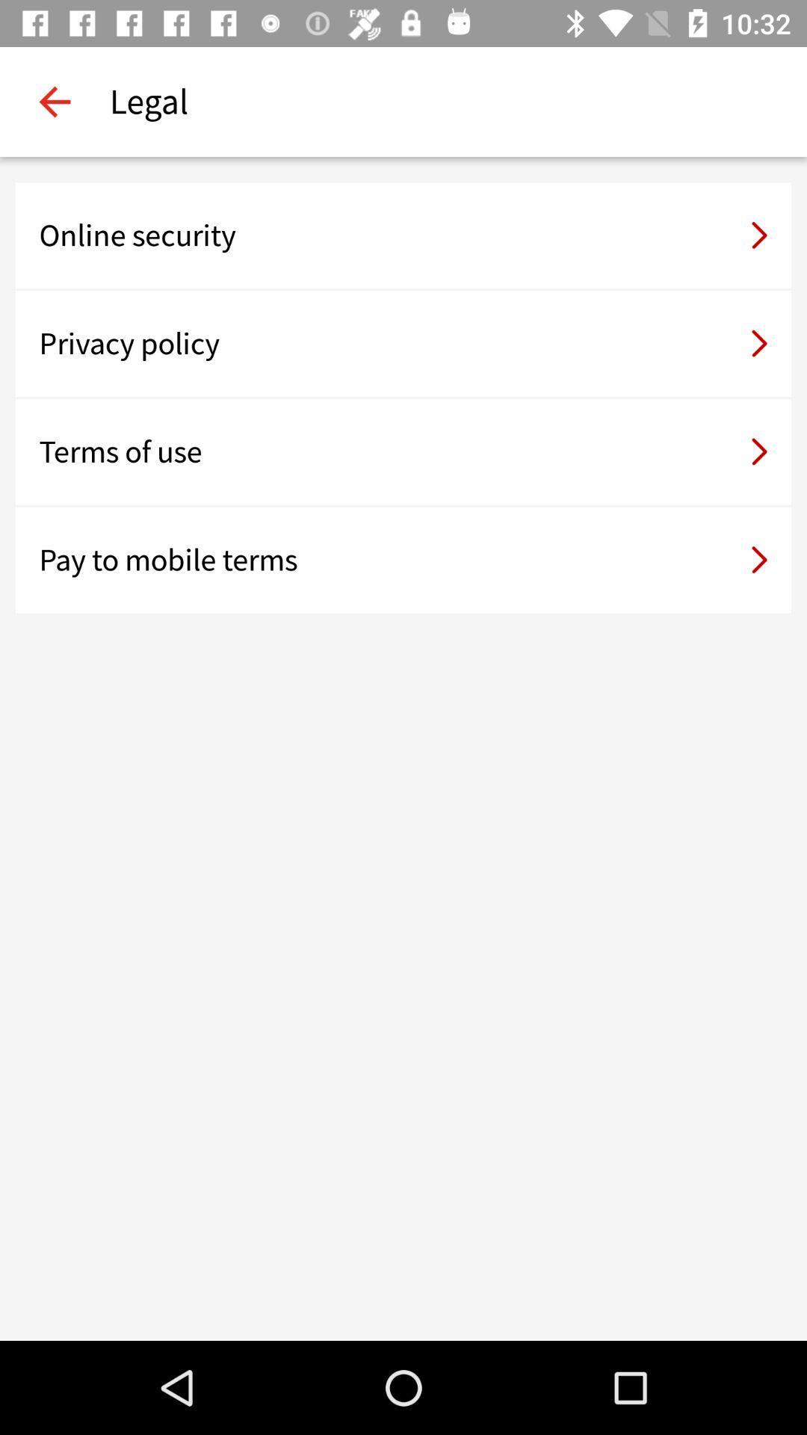 The height and width of the screenshot is (1435, 807). I want to click on icon above online security icon, so click(54, 101).